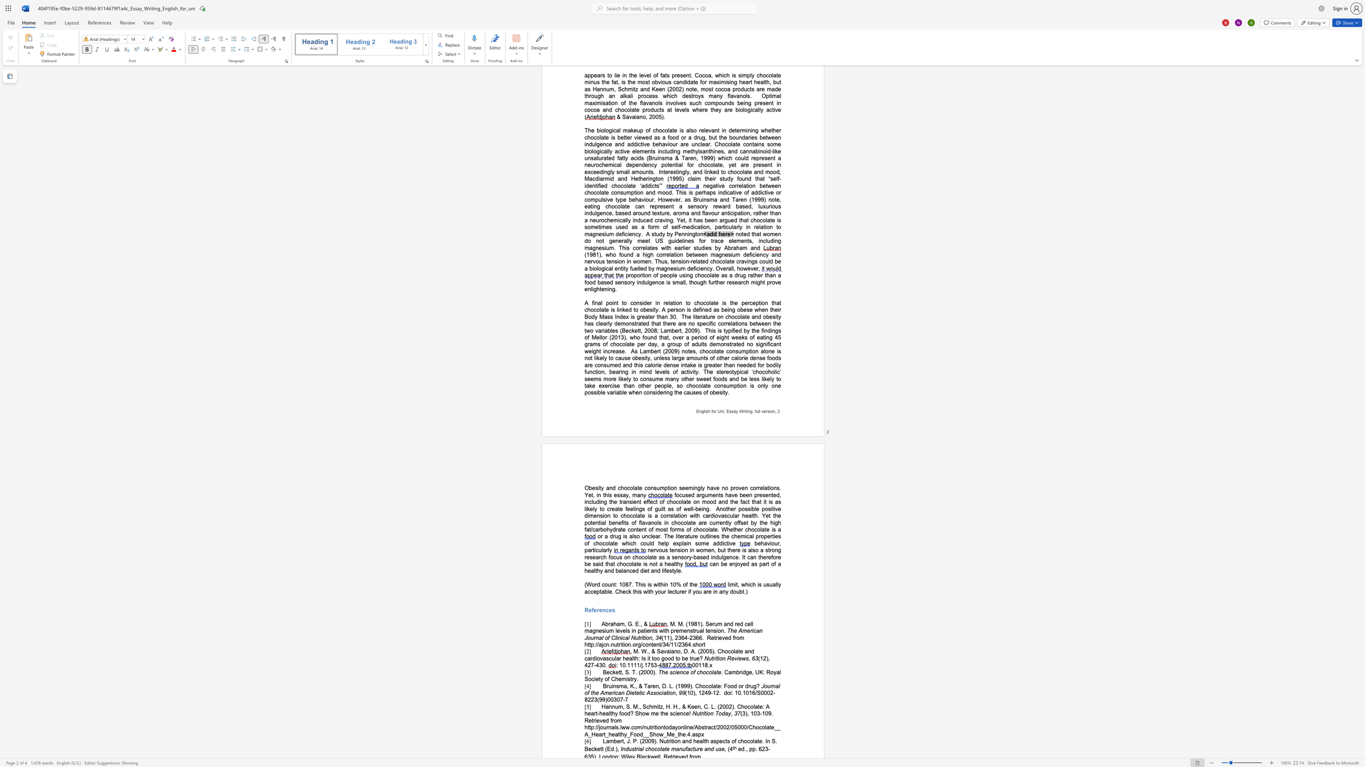 The image size is (1365, 767). What do you see at coordinates (678, 487) in the screenshot?
I see `the subset text "seeming" within the text "seemingly have"` at bounding box center [678, 487].